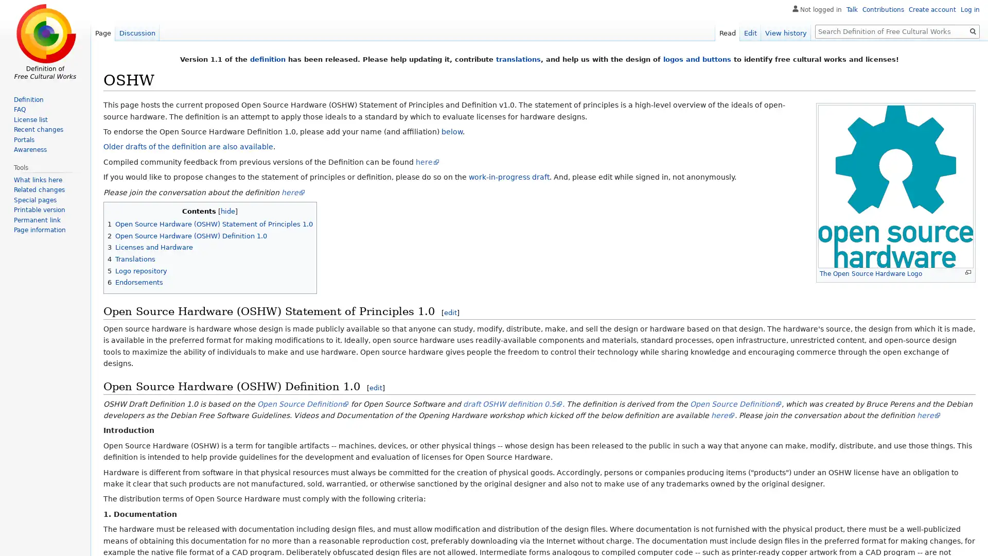 This screenshot has height=556, width=988. What do you see at coordinates (973, 31) in the screenshot?
I see `Go` at bounding box center [973, 31].